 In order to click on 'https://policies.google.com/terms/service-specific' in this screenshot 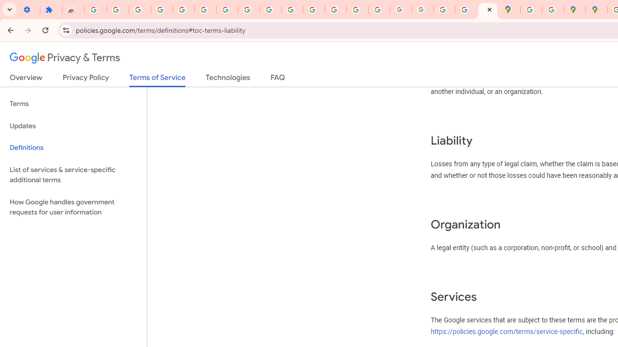, I will do `click(506, 331)`.